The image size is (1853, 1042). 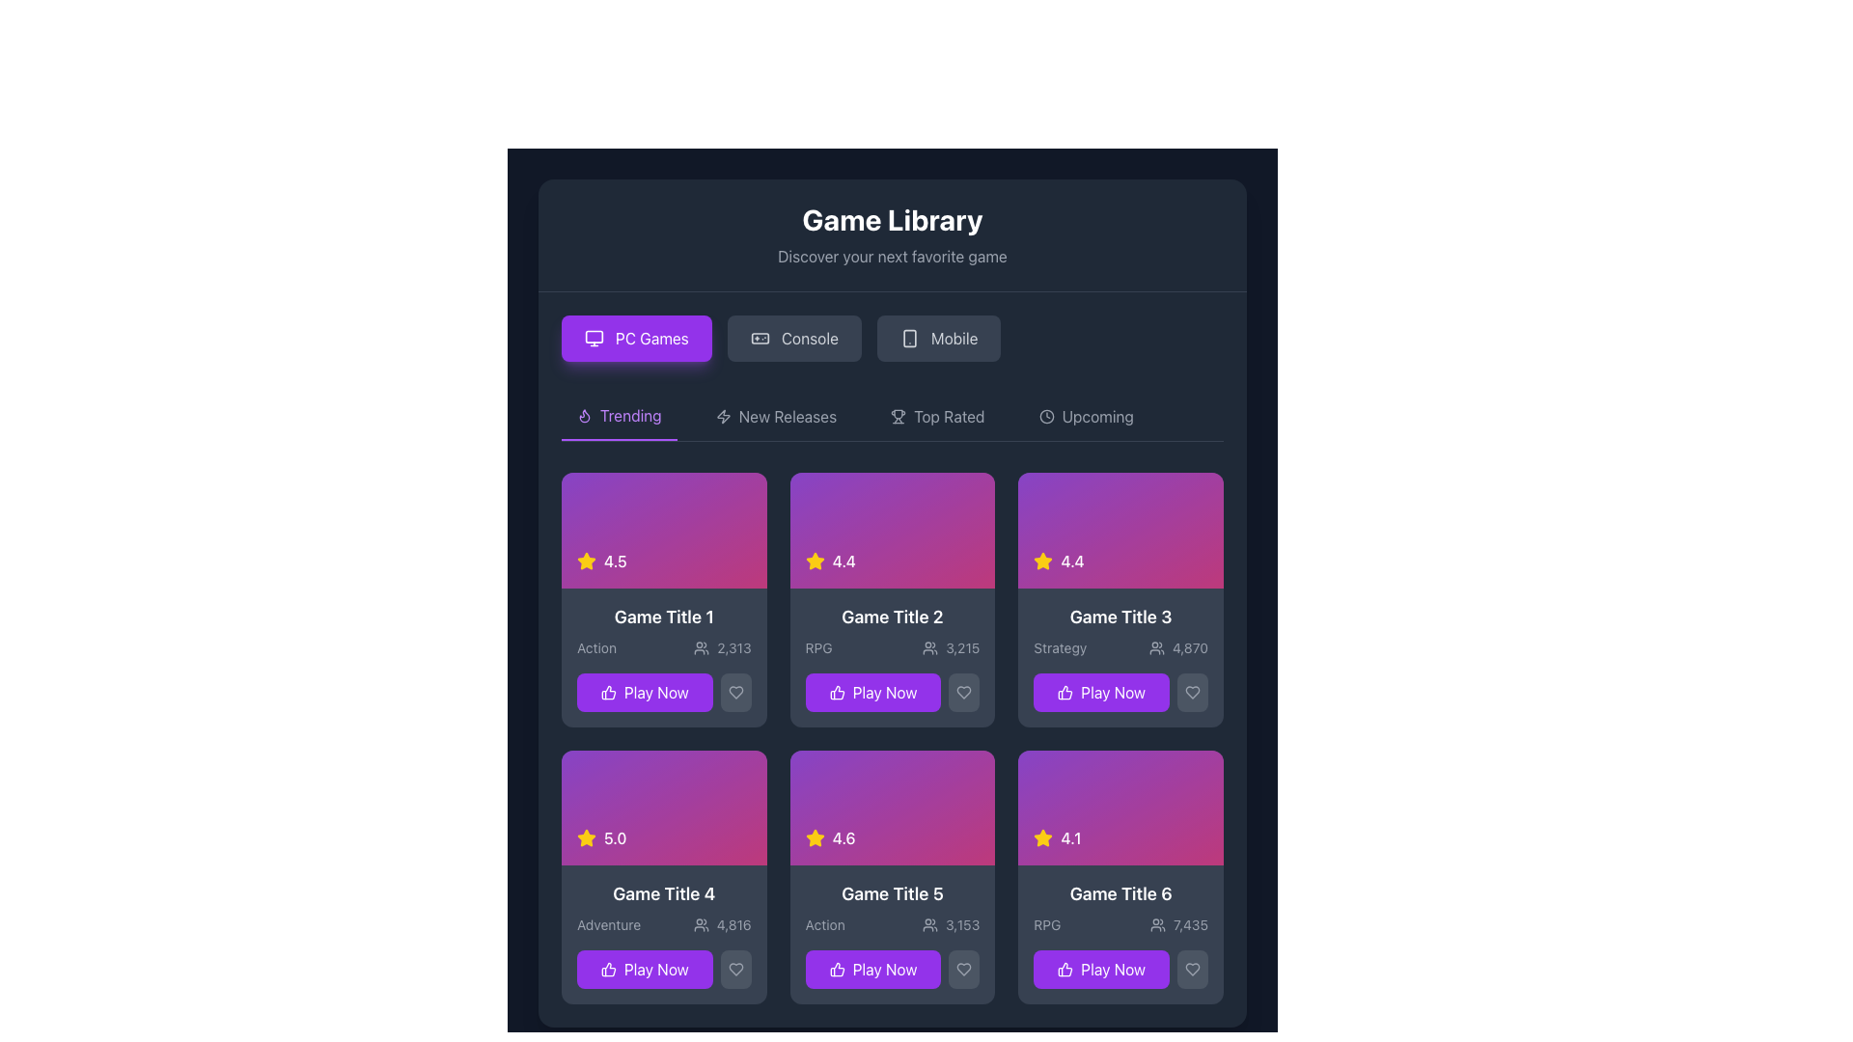 I want to click on the 'Console' text label within the button to focus on it, so click(x=810, y=338).